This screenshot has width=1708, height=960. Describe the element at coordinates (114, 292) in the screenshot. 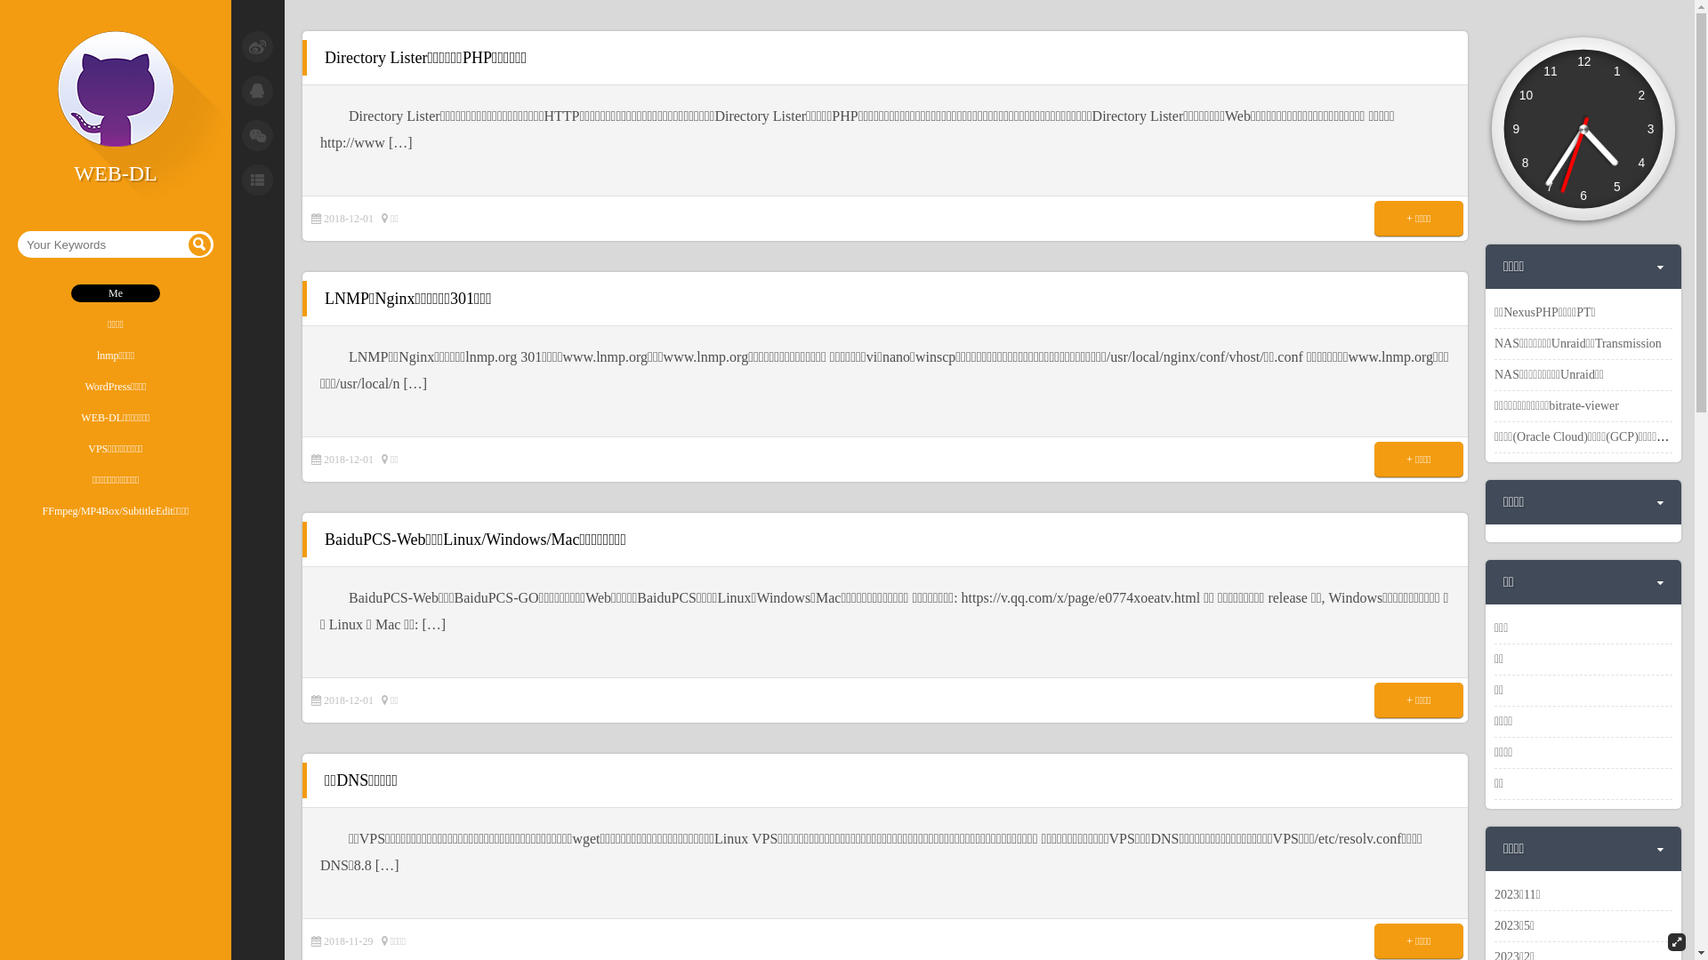

I see `'Me'` at that location.